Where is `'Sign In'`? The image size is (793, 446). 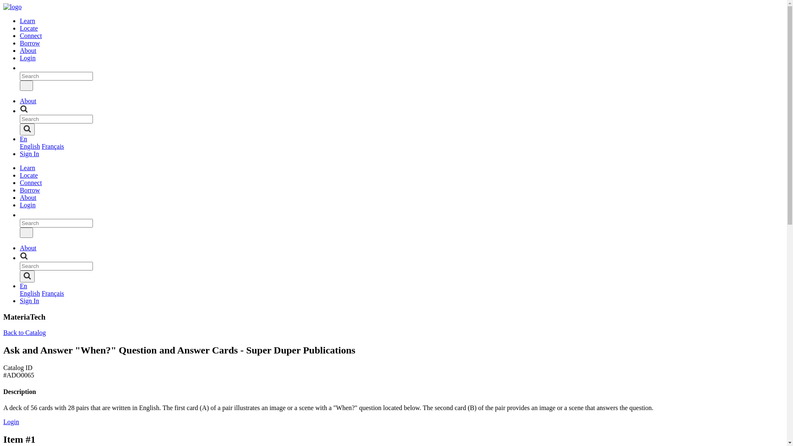
'Sign In' is located at coordinates (29, 154).